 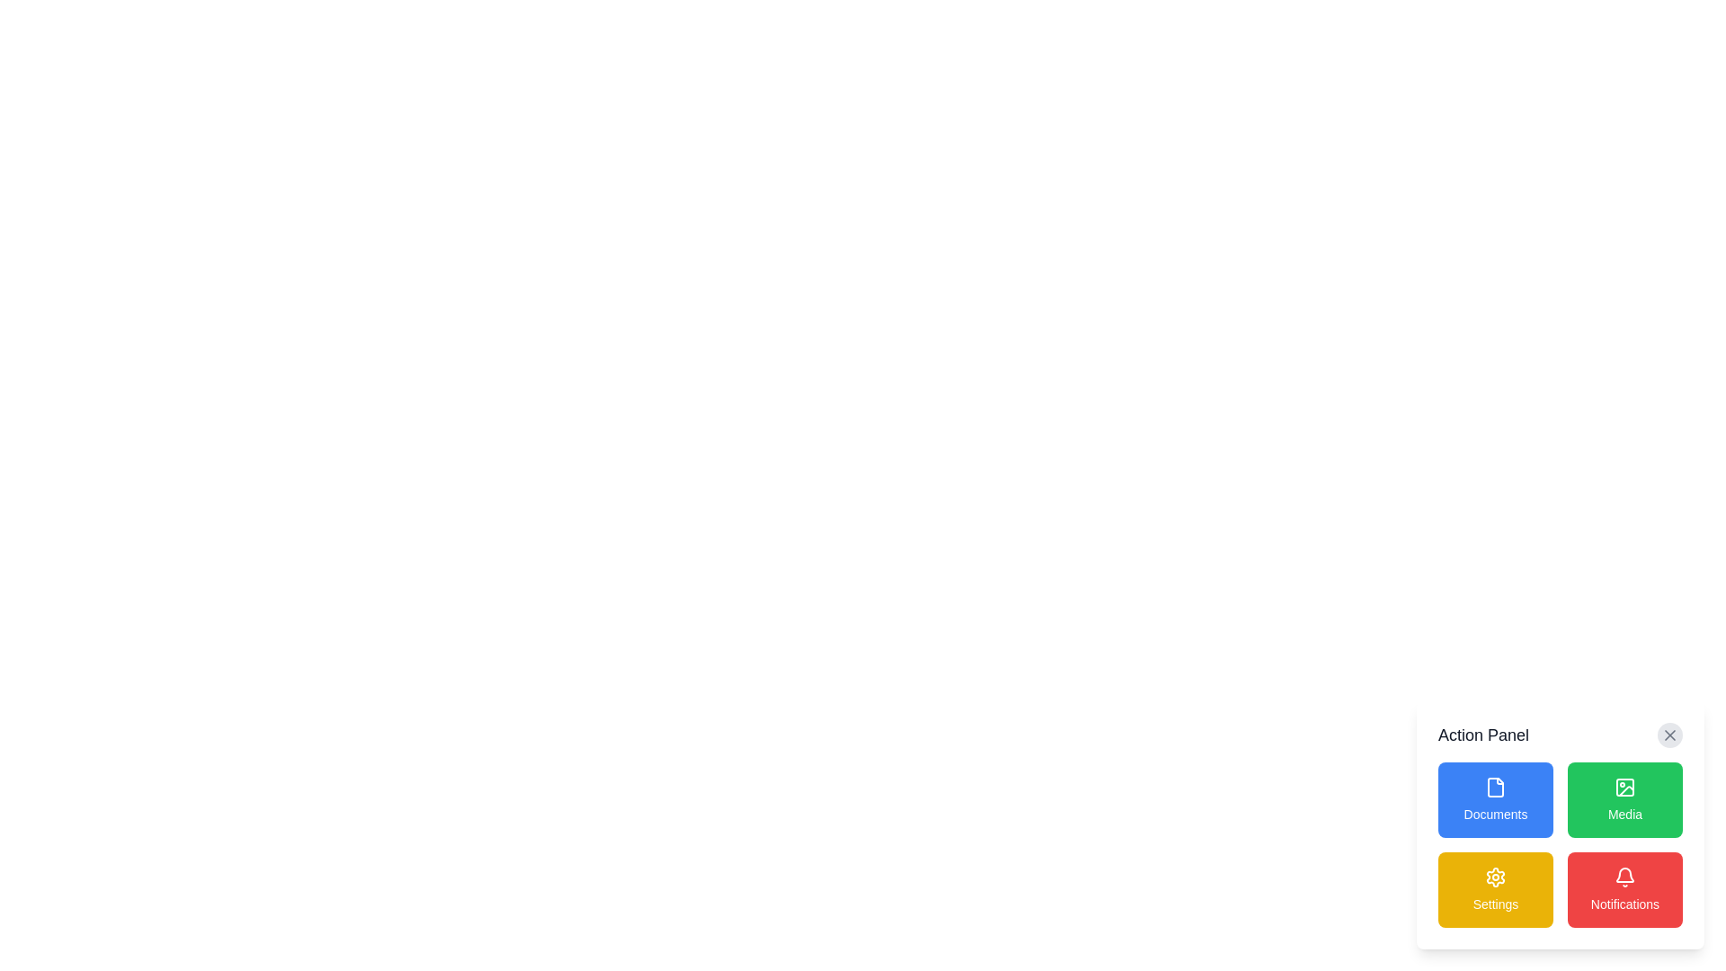 I want to click on the text label indicating the purpose of the media button located in the upper-right section of the action panel, so click(x=1625, y=815).